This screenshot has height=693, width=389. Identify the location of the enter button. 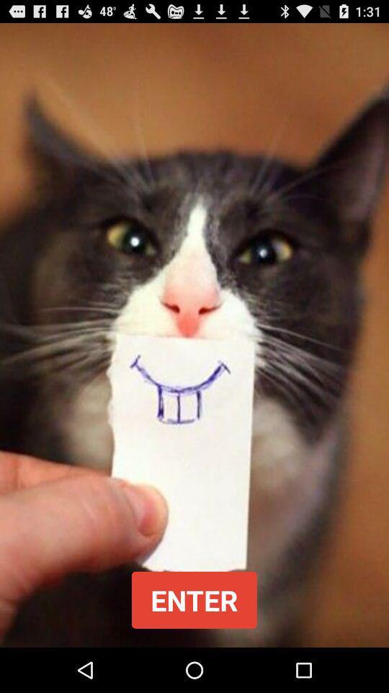
(194, 600).